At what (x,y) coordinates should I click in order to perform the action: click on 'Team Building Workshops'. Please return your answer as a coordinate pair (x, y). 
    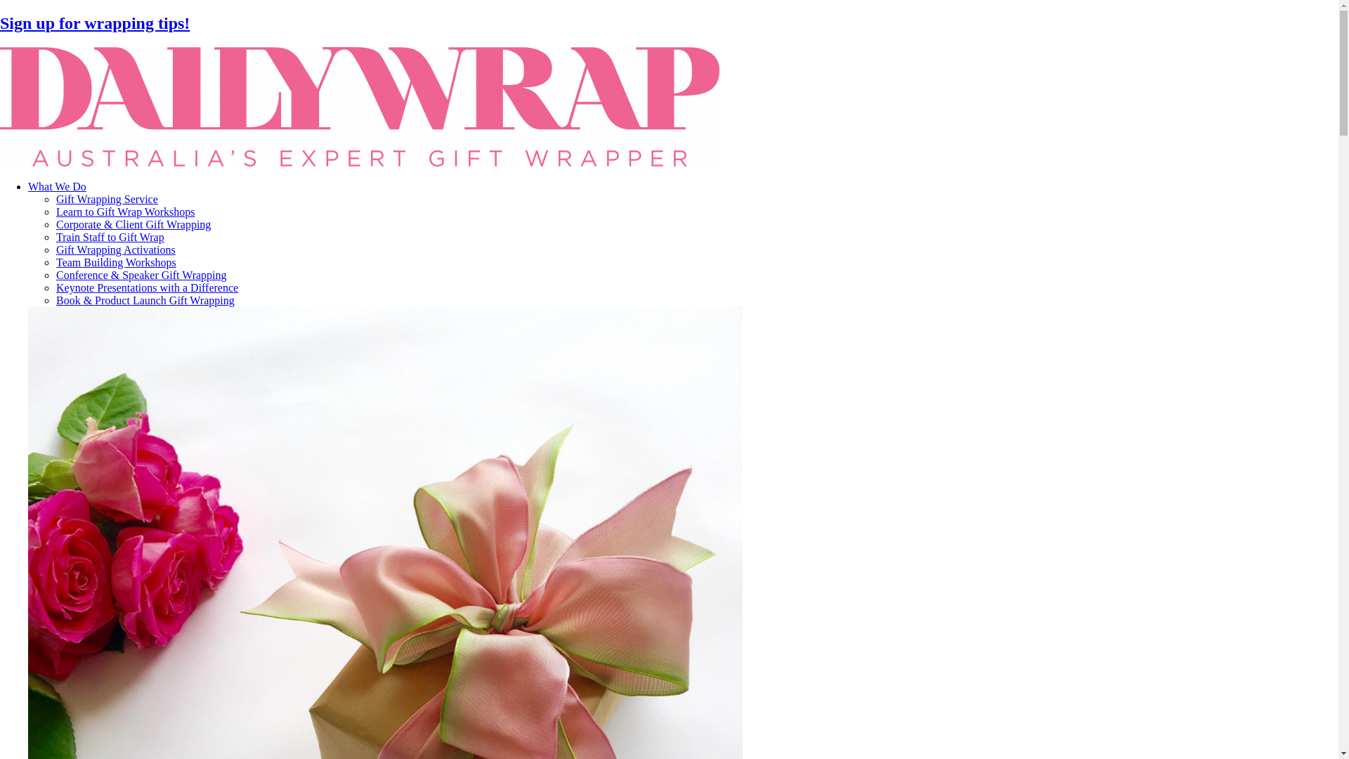
    Looking at the image, I should click on (116, 262).